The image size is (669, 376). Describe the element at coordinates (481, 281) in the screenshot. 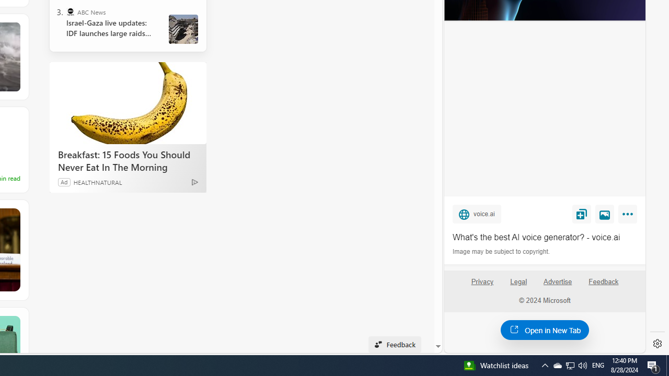

I see `'Privacy'` at that location.